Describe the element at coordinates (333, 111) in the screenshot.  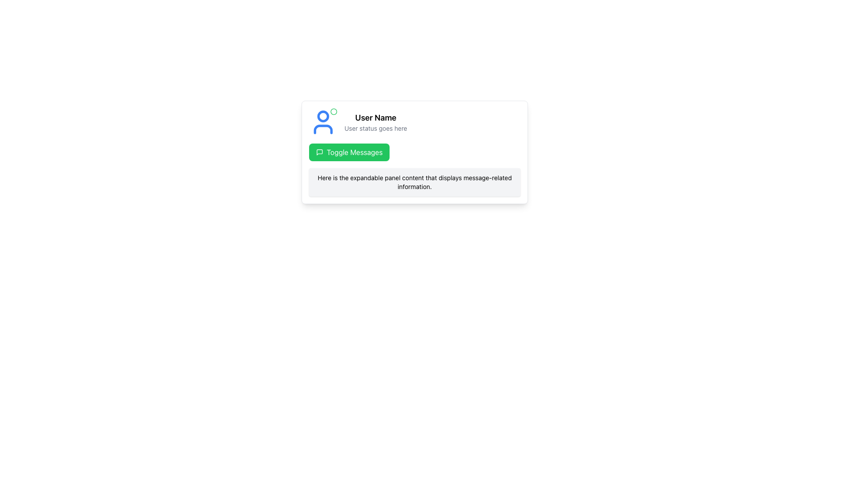
I see `the small circular Decorative indicator with a green border located at the top-right corner of the blue user profile icon` at that location.